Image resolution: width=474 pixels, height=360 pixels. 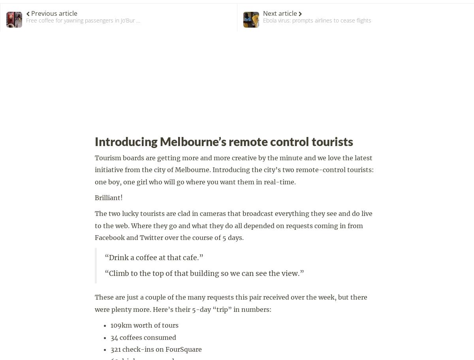 I want to click on '109km worth of tours', so click(x=145, y=324).